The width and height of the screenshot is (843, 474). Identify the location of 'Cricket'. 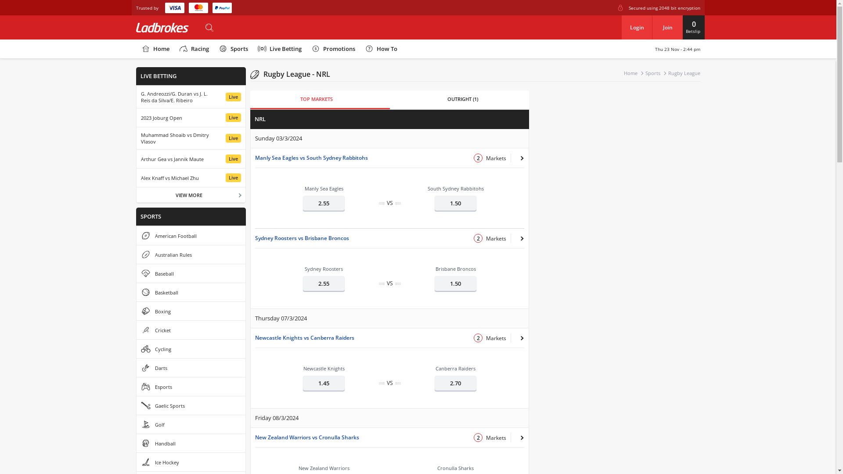
(191, 330).